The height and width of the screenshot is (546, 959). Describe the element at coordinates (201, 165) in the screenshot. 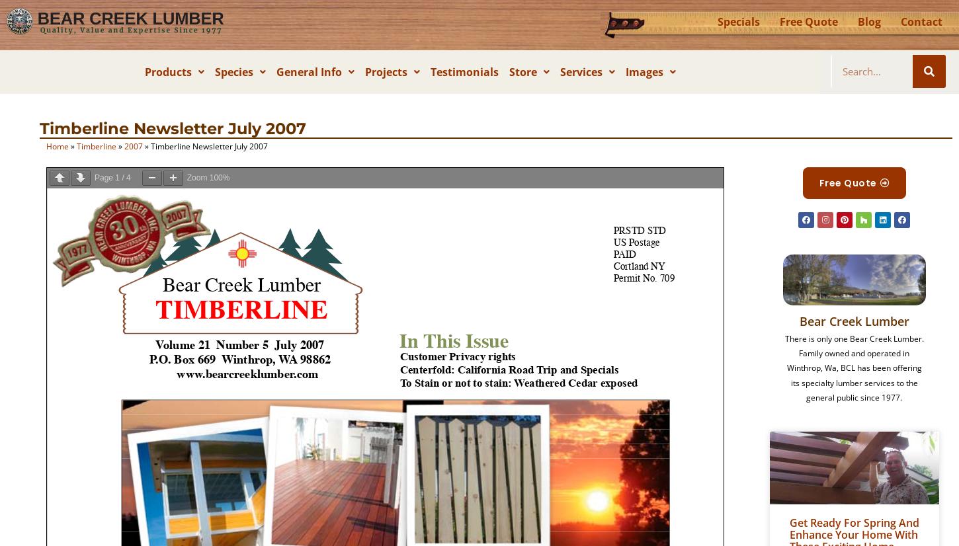

I see `'Ceiling Paneling'` at that location.